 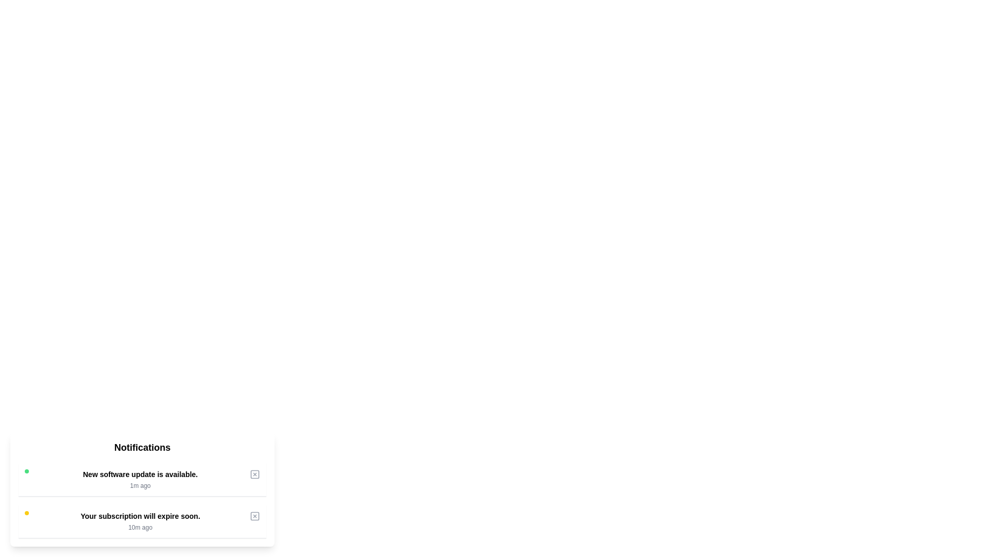 What do you see at coordinates (140, 527) in the screenshot?
I see `the text label displaying '10m ago', which is positioned beneath the main text 'Your subscription will expire soon.' in the notification card` at bounding box center [140, 527].